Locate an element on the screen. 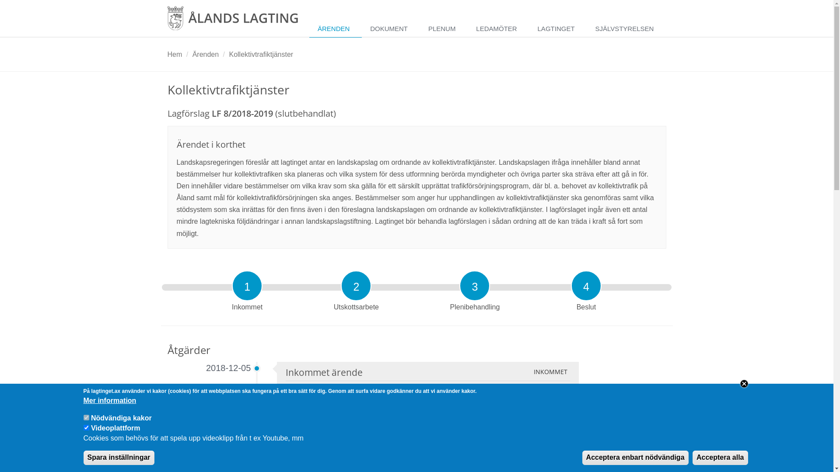 This screenshot has height=472, width=840. 'PLENUM' is located at coordinates (444, 28).